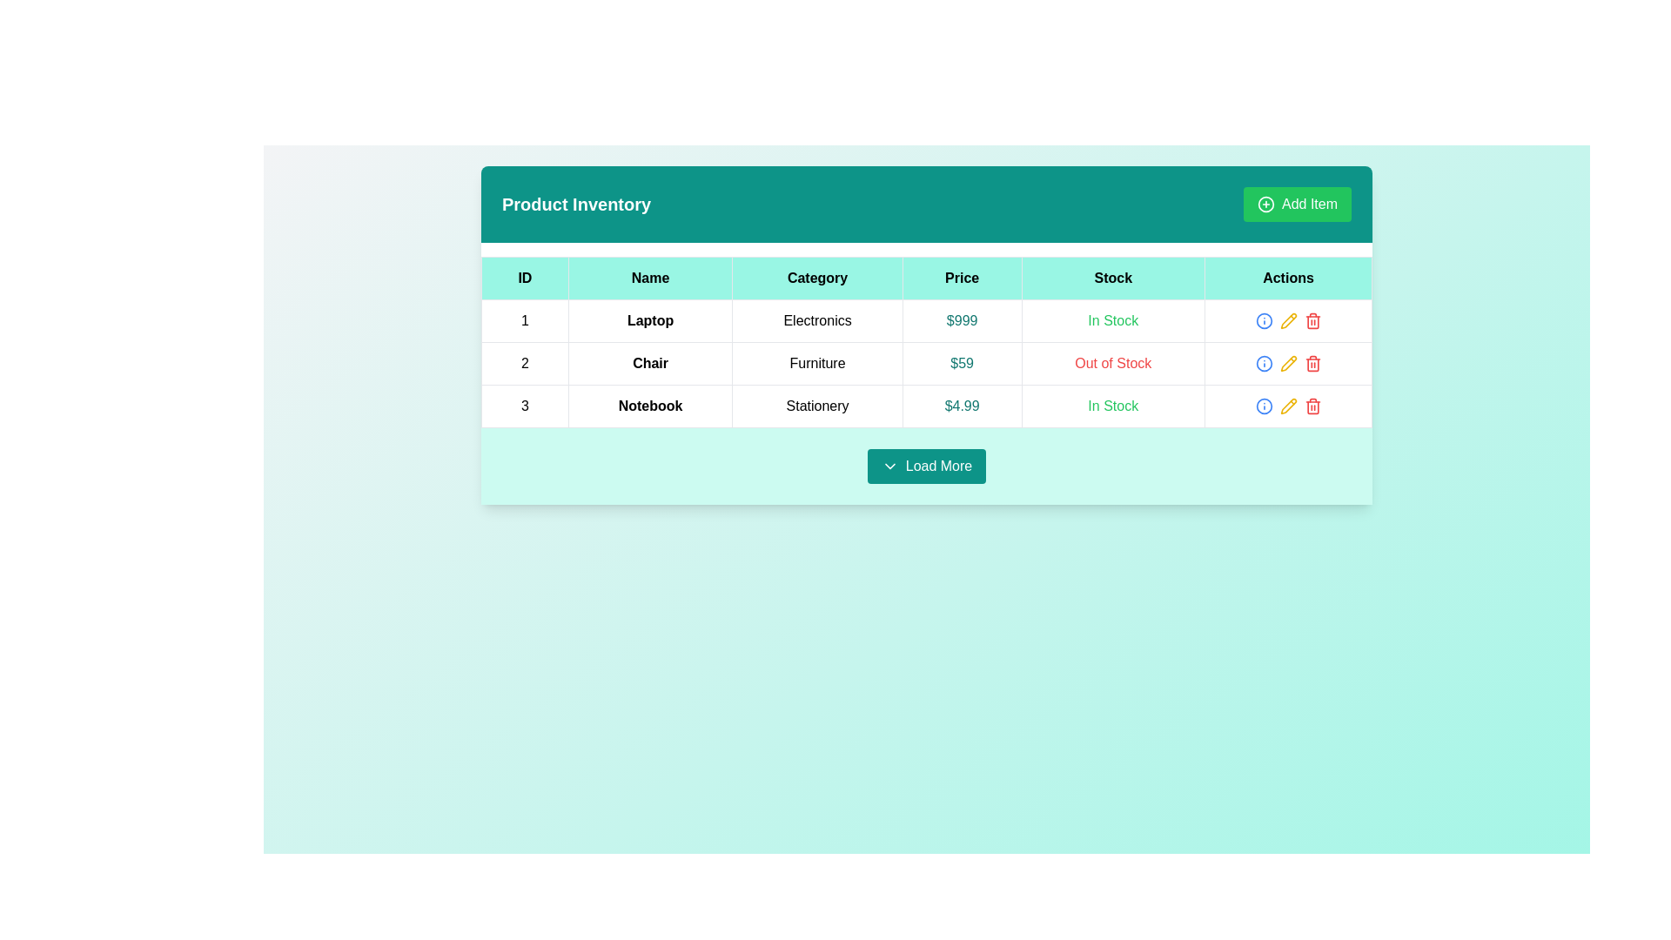 The width and height of the screenshot is (1671, 940). Describe the element at coordinates (1112, 320) in the screenshot. I see `the 'In Stock' static text label in green color, indicating availability for the product 'Laptop' in the Stock column of the table` at that location.